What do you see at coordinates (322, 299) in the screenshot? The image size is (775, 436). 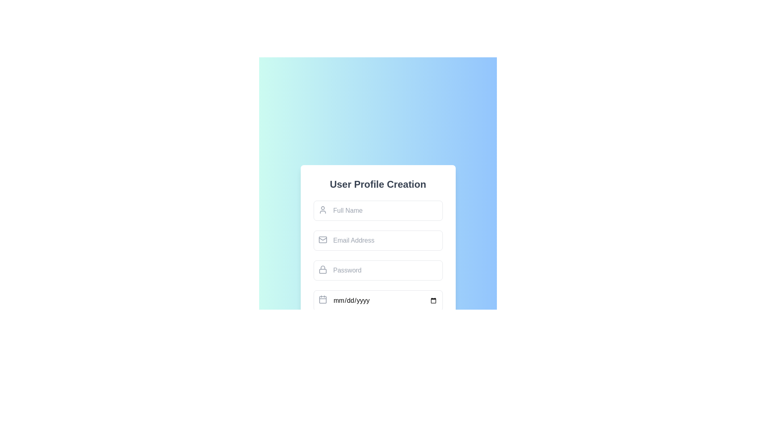 I see `the calendar icon located to the left of the date input field labeled 'mm/dd/yyyy'` at bounding box center [322, 299].